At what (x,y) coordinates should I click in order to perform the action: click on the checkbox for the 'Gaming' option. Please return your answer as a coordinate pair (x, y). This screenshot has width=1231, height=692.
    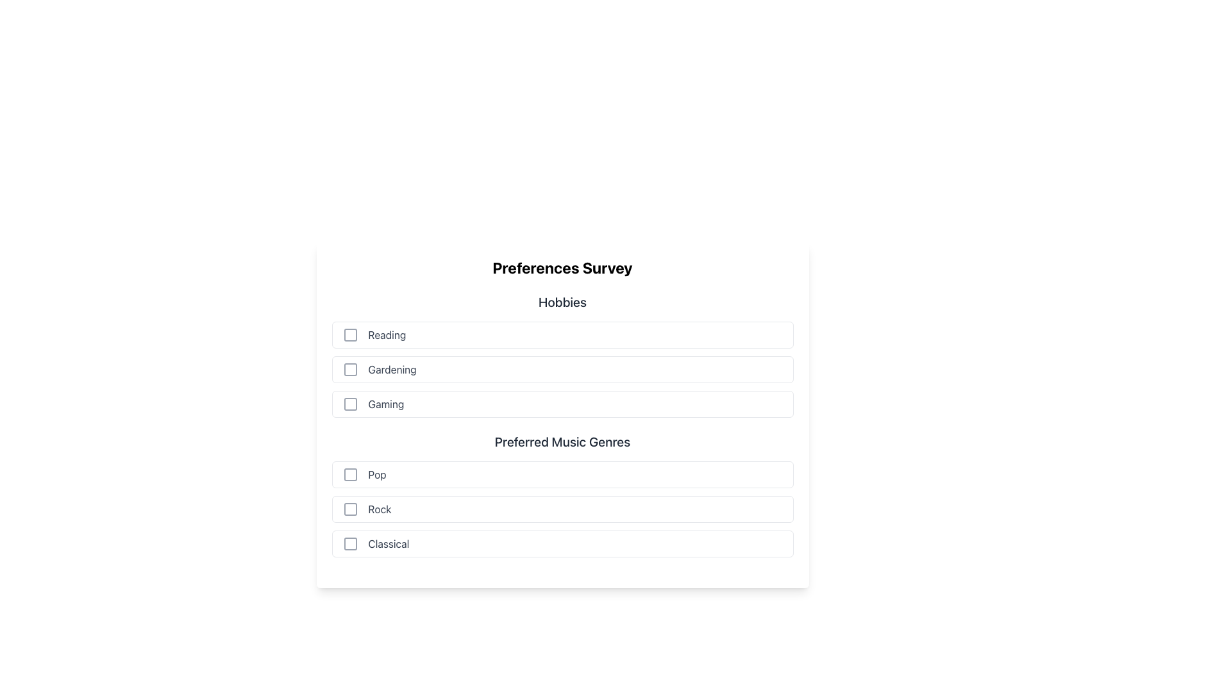
    Looking at the image, I should click on (350, 404).